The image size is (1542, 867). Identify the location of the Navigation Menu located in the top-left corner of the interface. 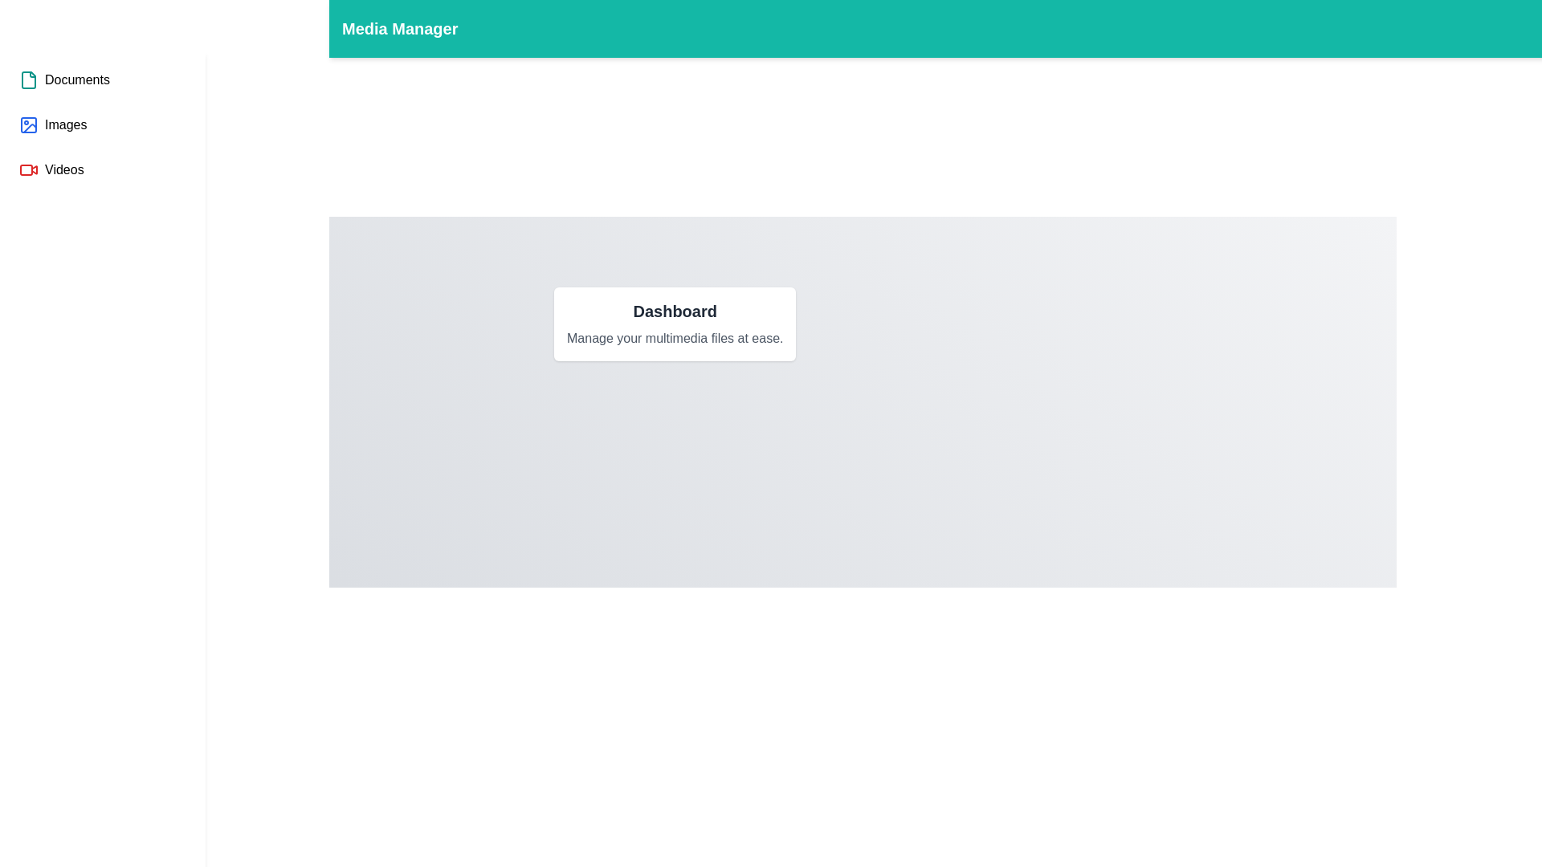
(102, 124).